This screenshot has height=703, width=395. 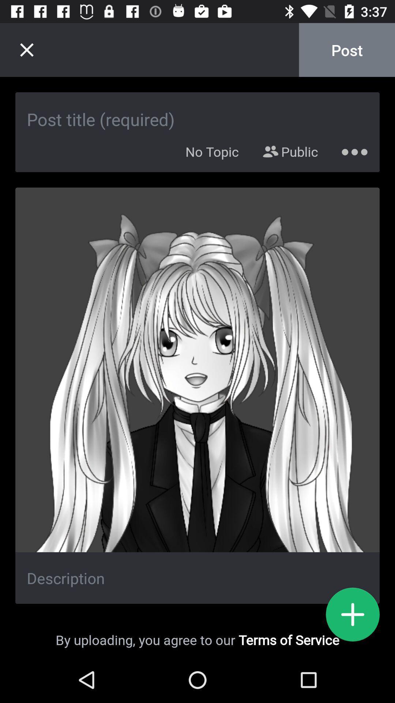 I want to click on a picture, so click(x=352, y=614).